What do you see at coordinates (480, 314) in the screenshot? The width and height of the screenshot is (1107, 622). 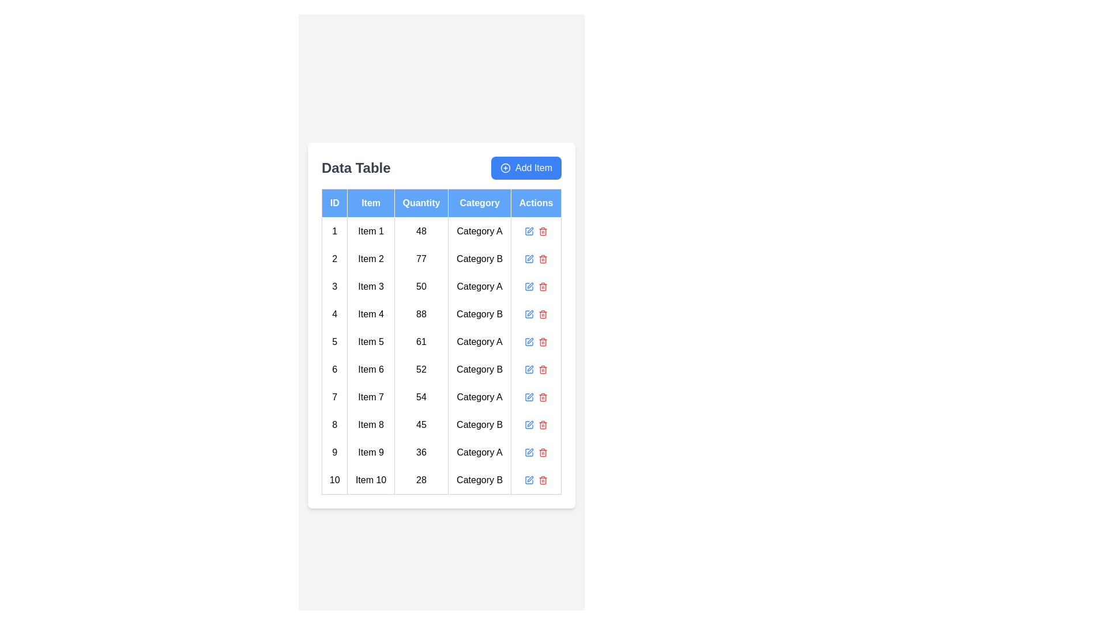 I see `the text label displaying 'Category B' in the fourth cell of the 'Category' column in the table` at bounding box center [480, 314].